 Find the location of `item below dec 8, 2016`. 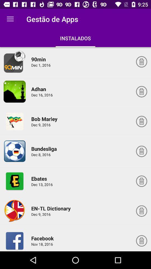

item below dec 8, 2016 is located at coordinates (40, 178).